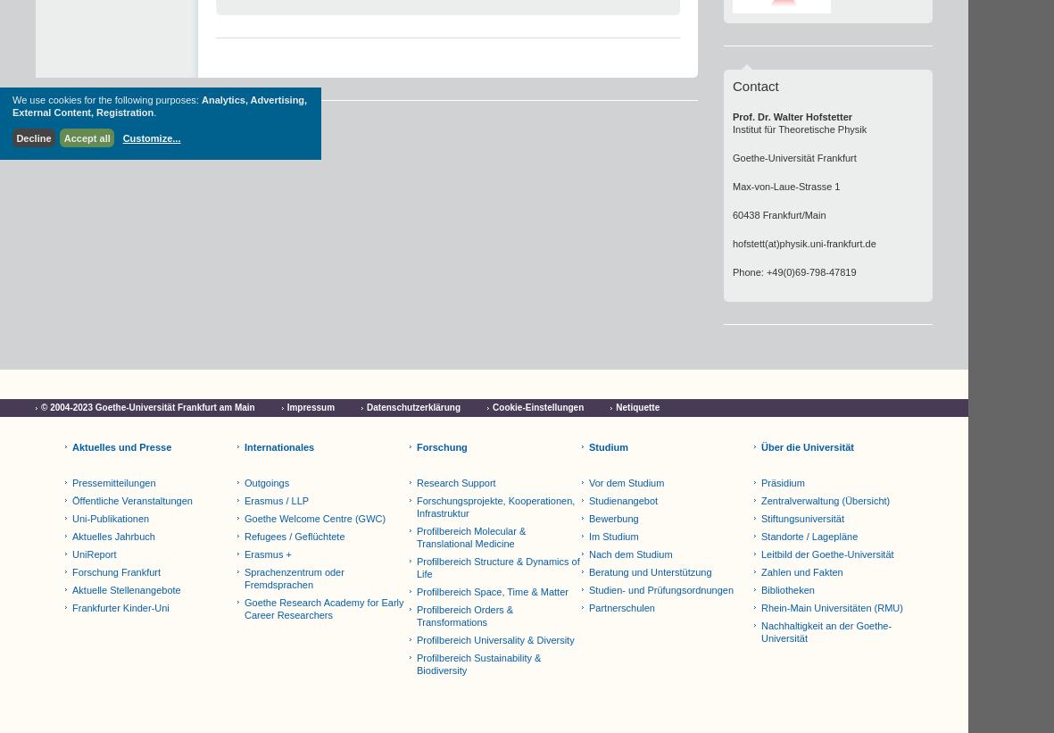  What do you see at coordinates (71, 536) in the screenshot?
I see `'Aktuelles Jahrbuch'` at bounding box center [71, 536].